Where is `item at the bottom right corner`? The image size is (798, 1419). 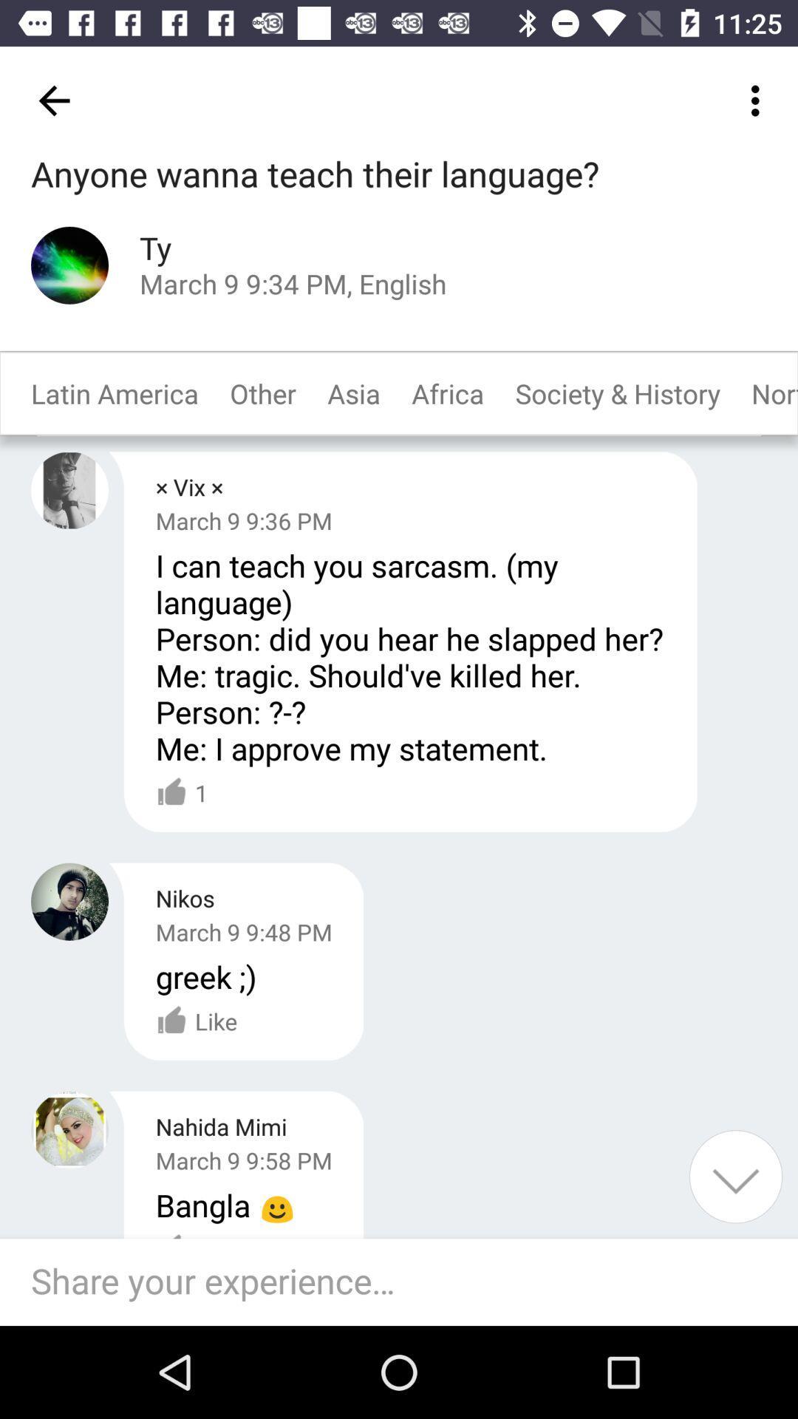 item at the bottom right corner is located at coordinates (735, 1176).